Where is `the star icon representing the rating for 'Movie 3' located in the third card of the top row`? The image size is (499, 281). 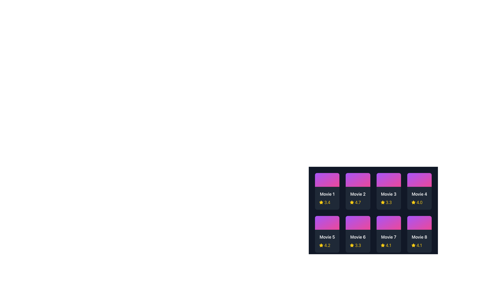
the star icon representing the rating for 'Movie 3' located in the third card of the top row is located at coordinates (383, 202).